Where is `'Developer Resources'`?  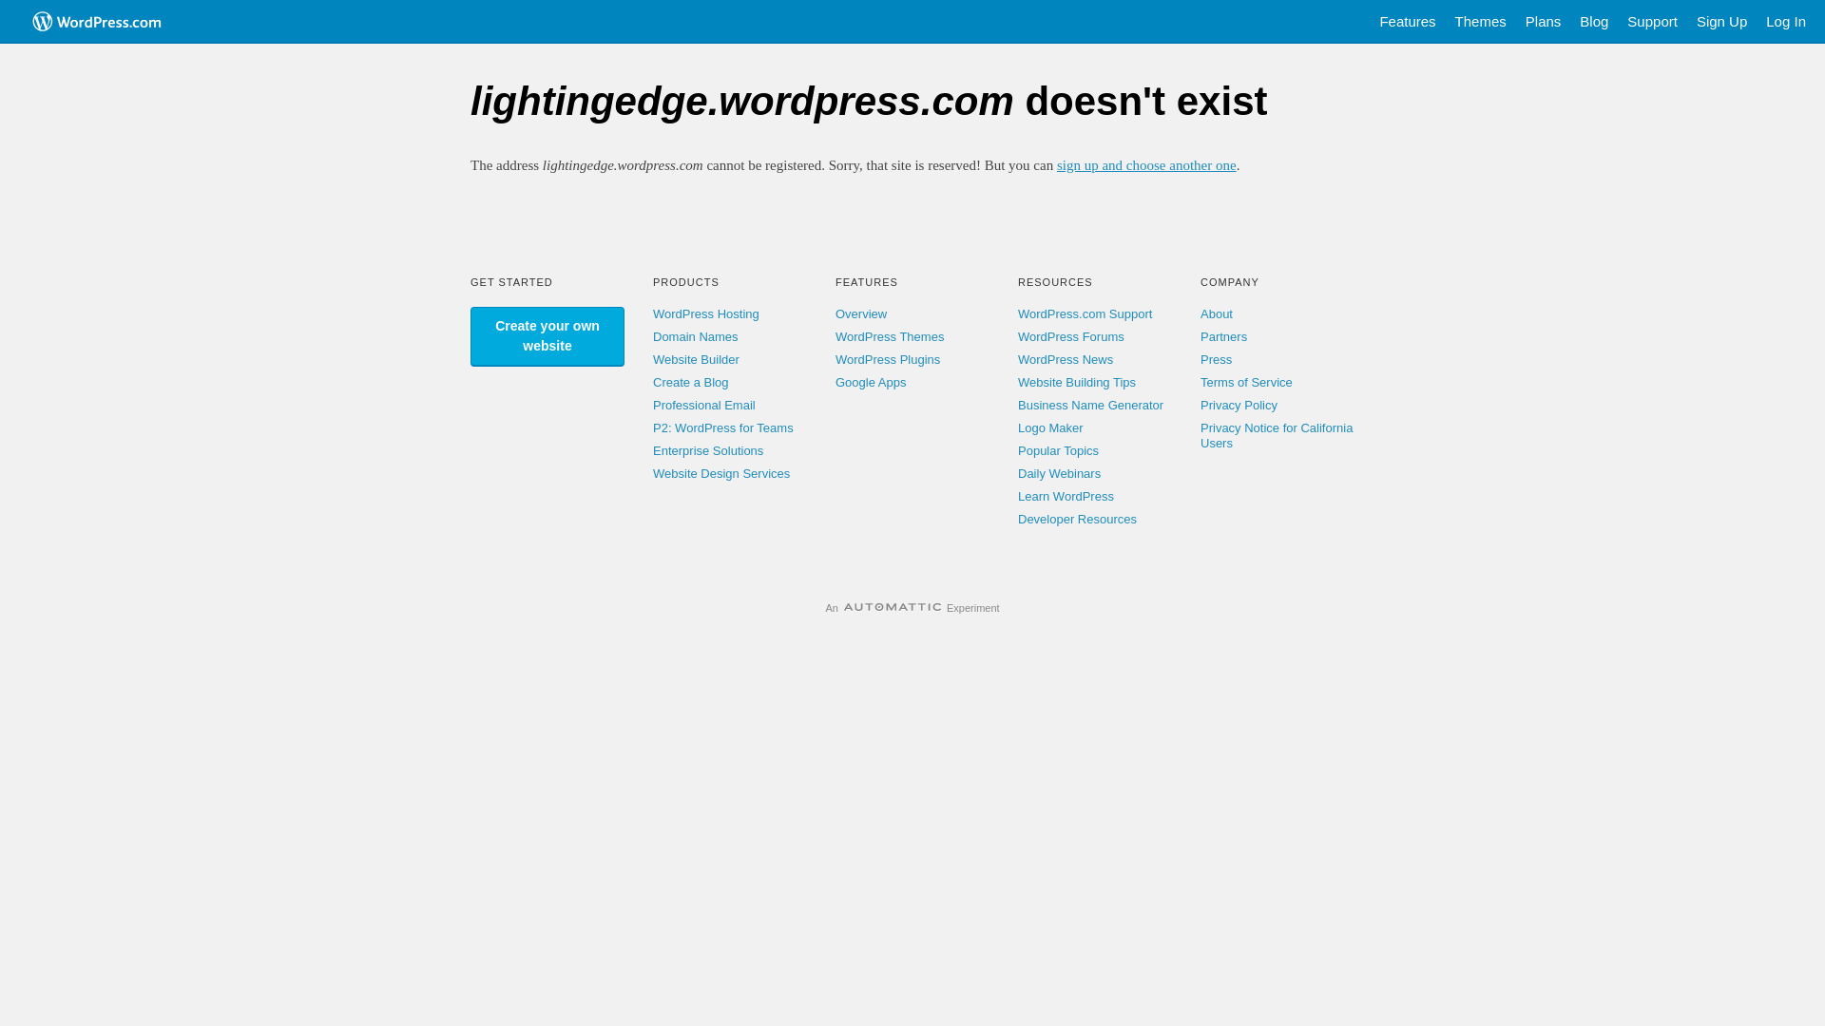
'Developer Resources' is located at coordinates (1077, 519).